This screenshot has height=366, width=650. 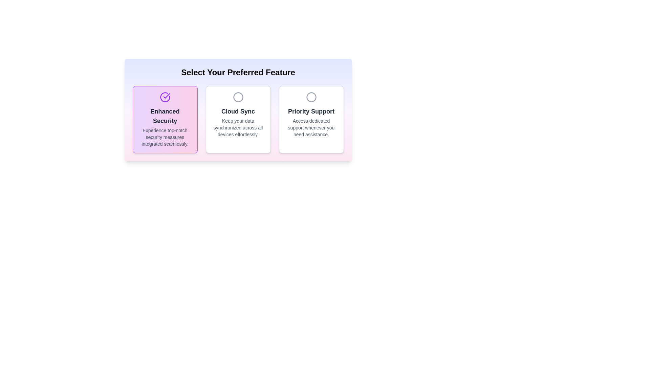 I want to click on the static text label that describes the 'Cloud Sync' option, which is located below the header text within the 'Cloud Sync' card, so click(x=238, y=128).